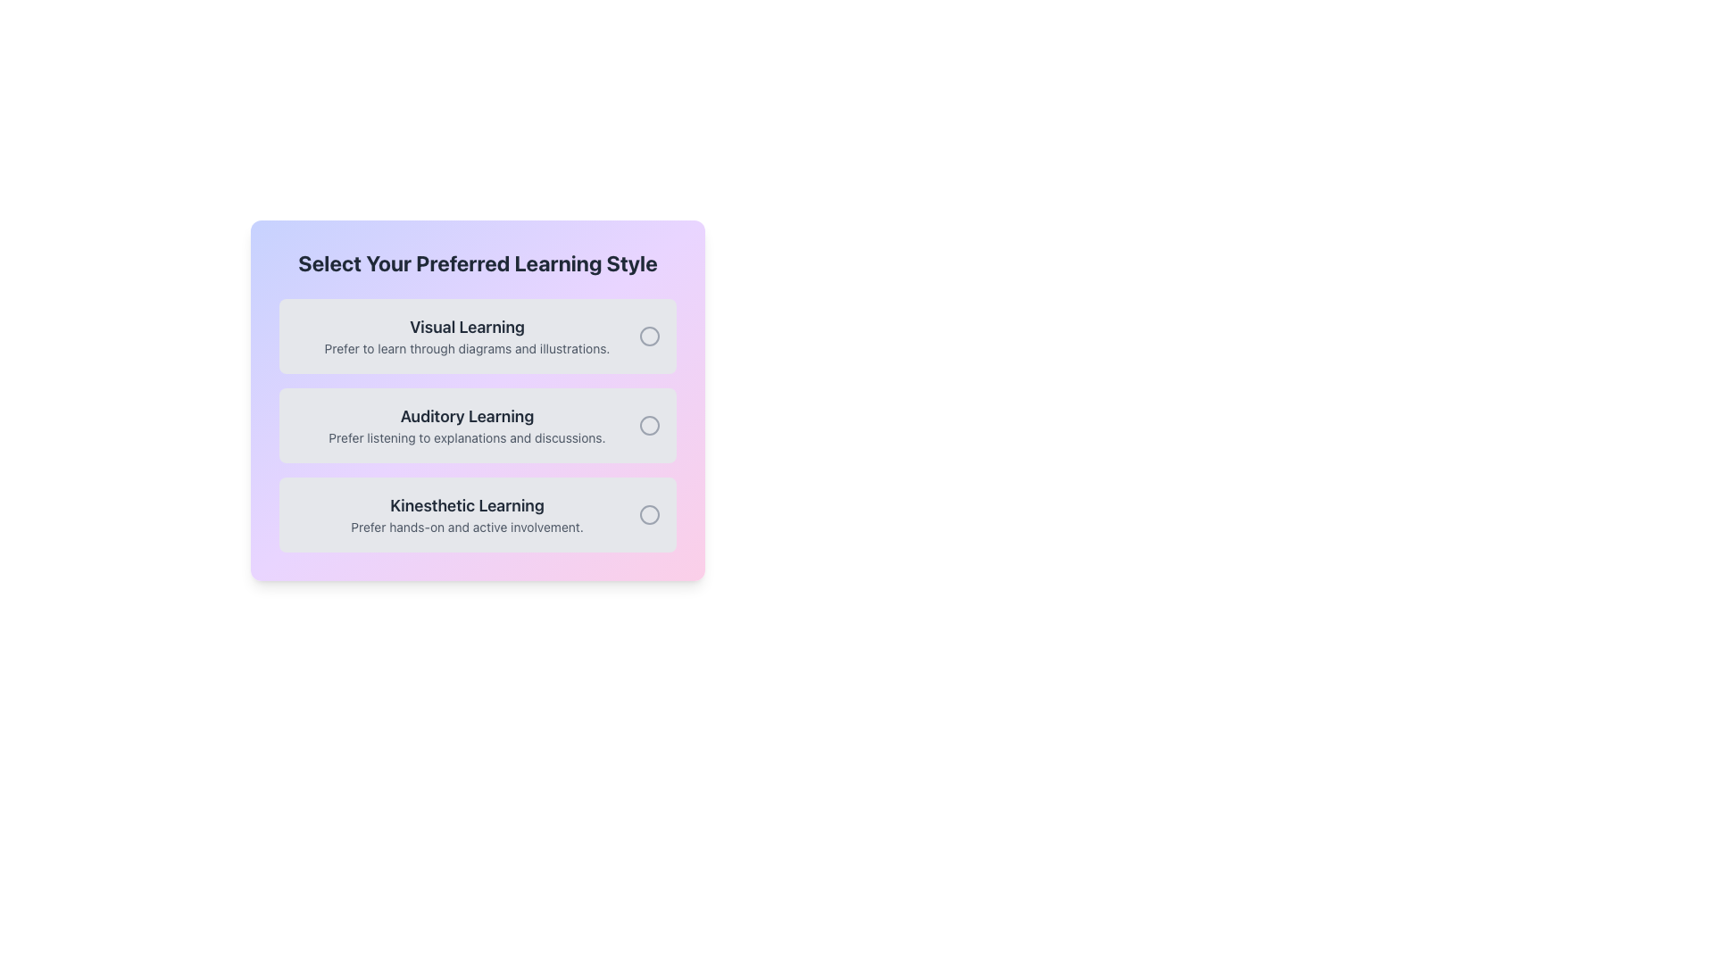 Image resolution: width=1714 pixels, height=964 pixels. Describe the element at coordinates (649, 337) in the screenshot. I see `the Radio Button Indicator (Circle Outline) next to 'Visual Learning' to provide additional visual feedback` at that location.